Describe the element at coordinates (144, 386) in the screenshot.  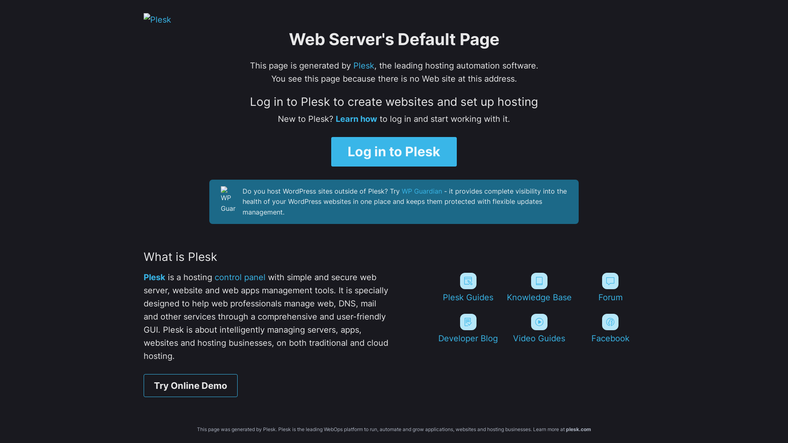
I see `'Try Online Demo'` at that location.